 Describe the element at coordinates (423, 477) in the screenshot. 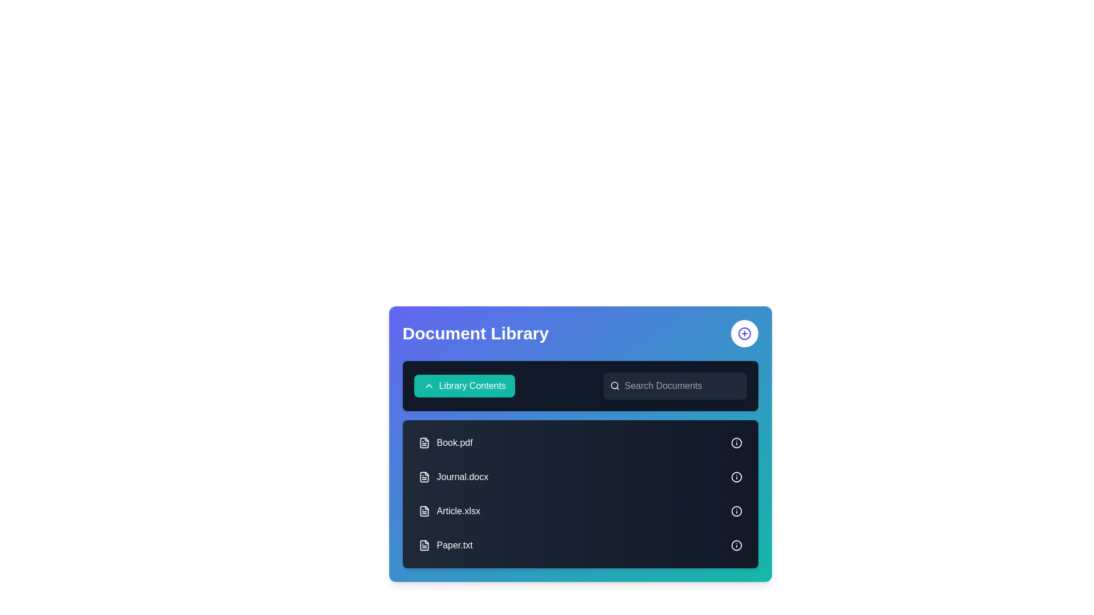

I see `the document icon, which is a rectangular shape with rounded corners next to the 'Journal.docx' label` at that location.